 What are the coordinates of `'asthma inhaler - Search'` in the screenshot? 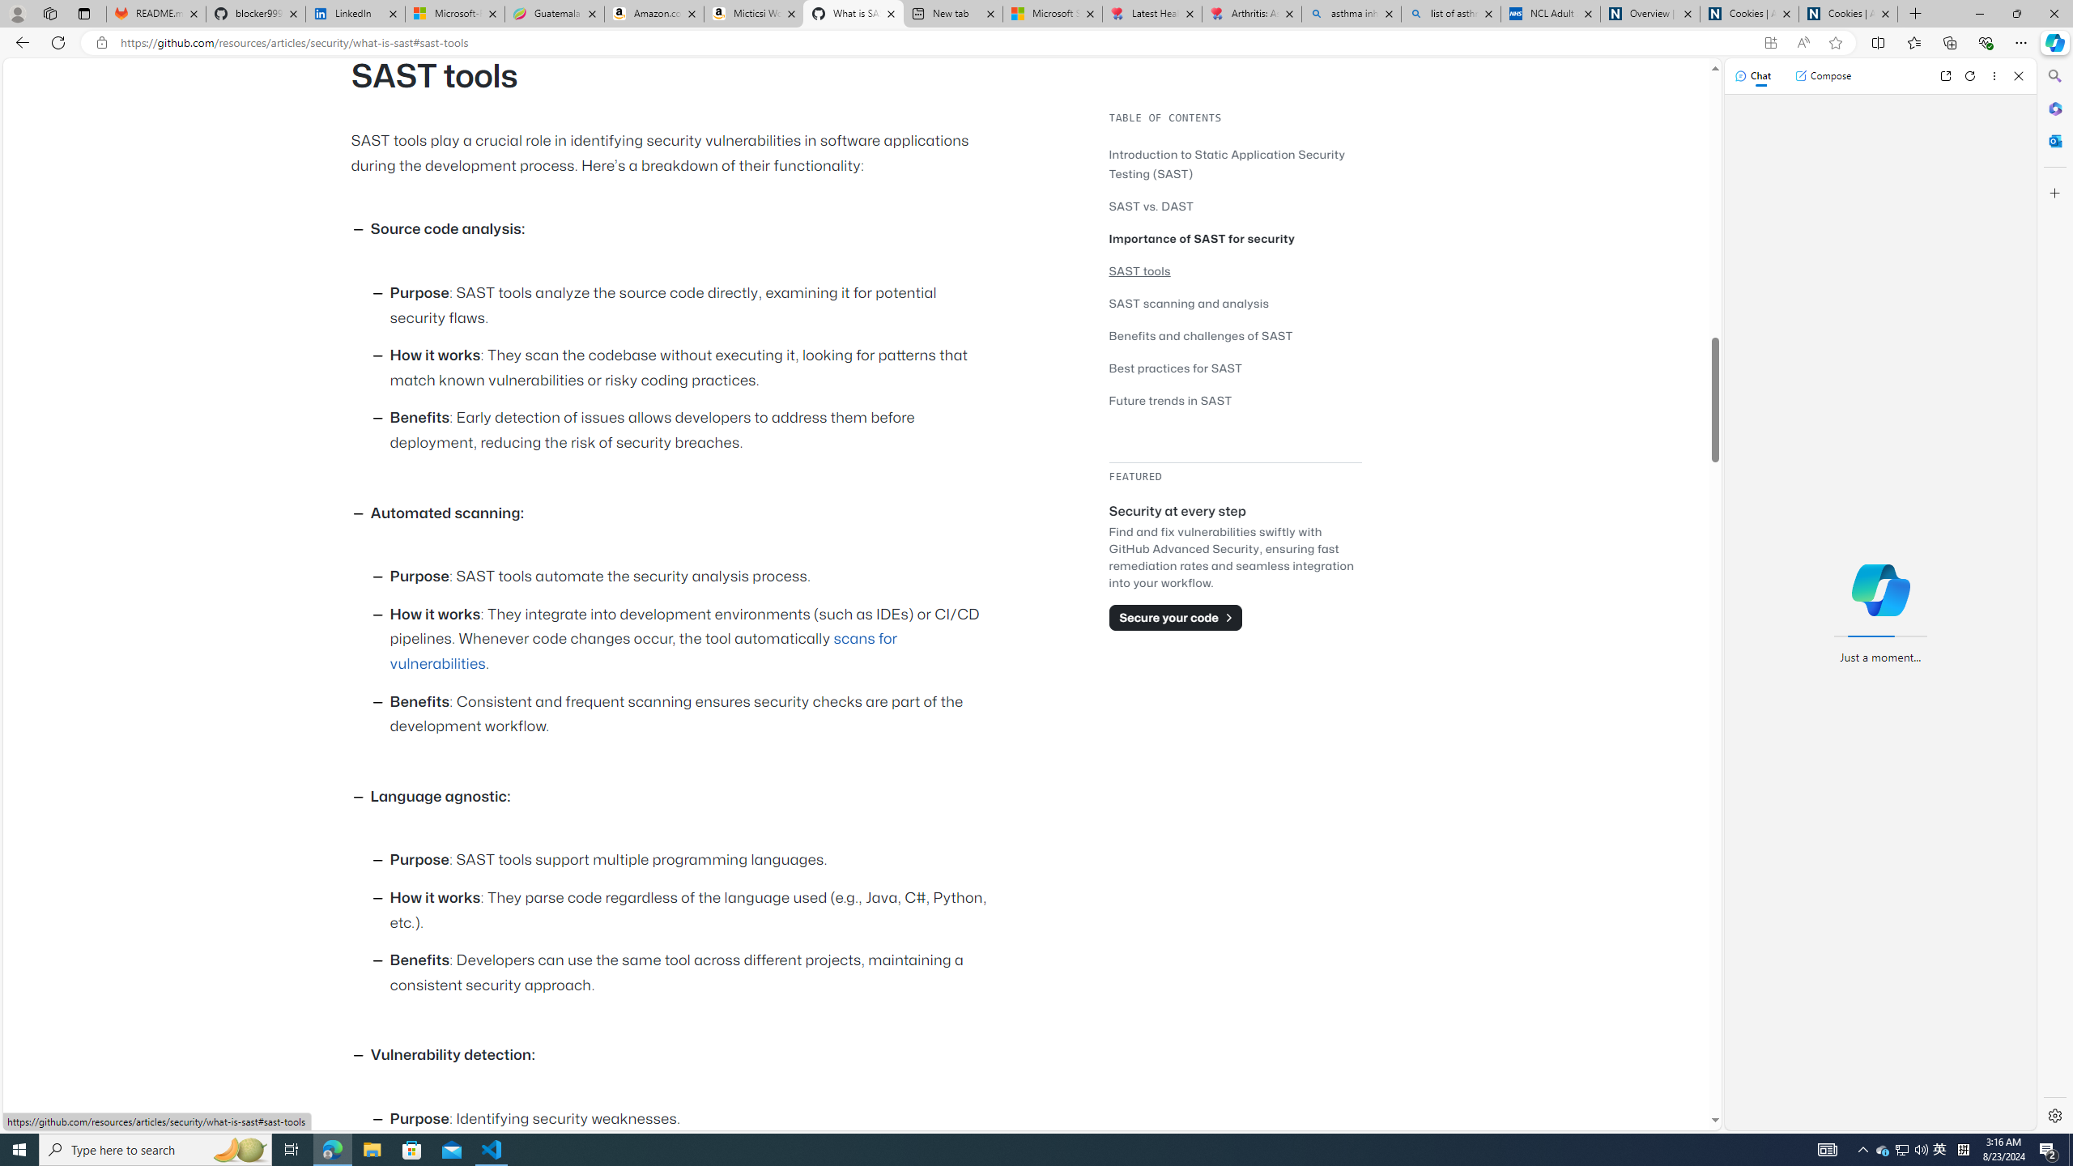 It's located at (1351, 13).